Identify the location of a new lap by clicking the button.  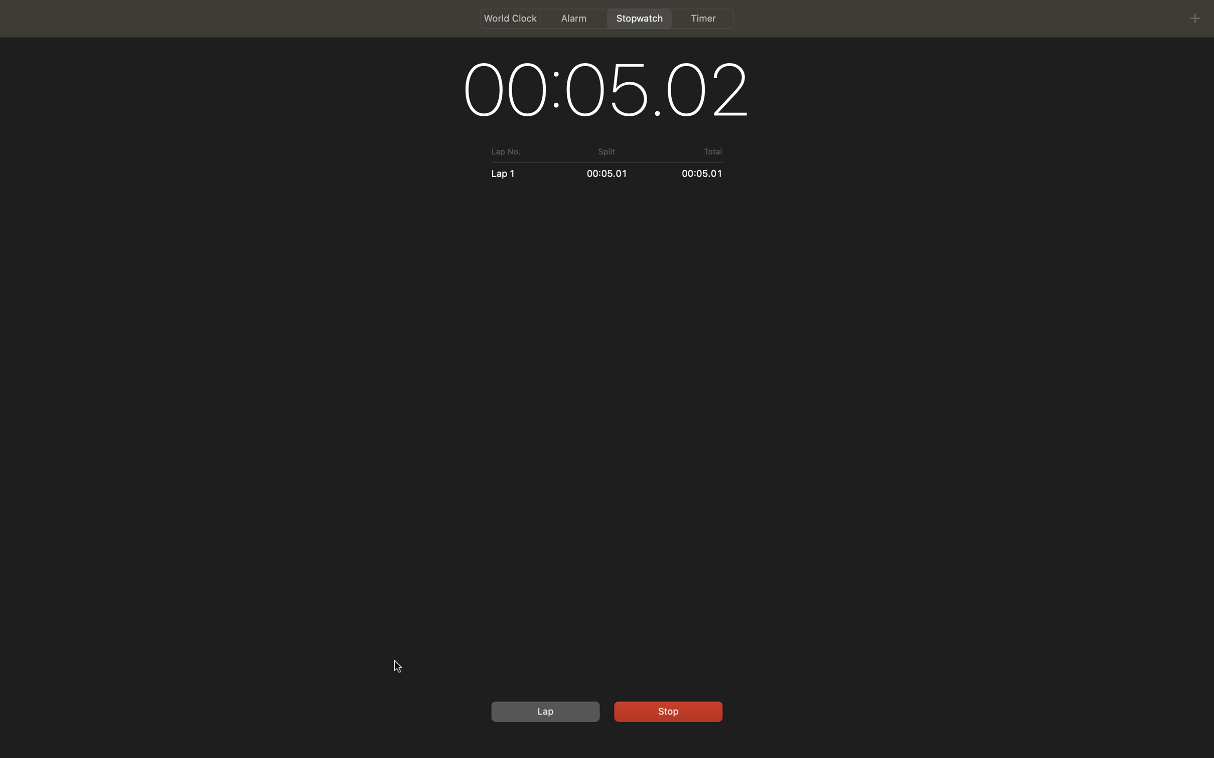
(543, 711).